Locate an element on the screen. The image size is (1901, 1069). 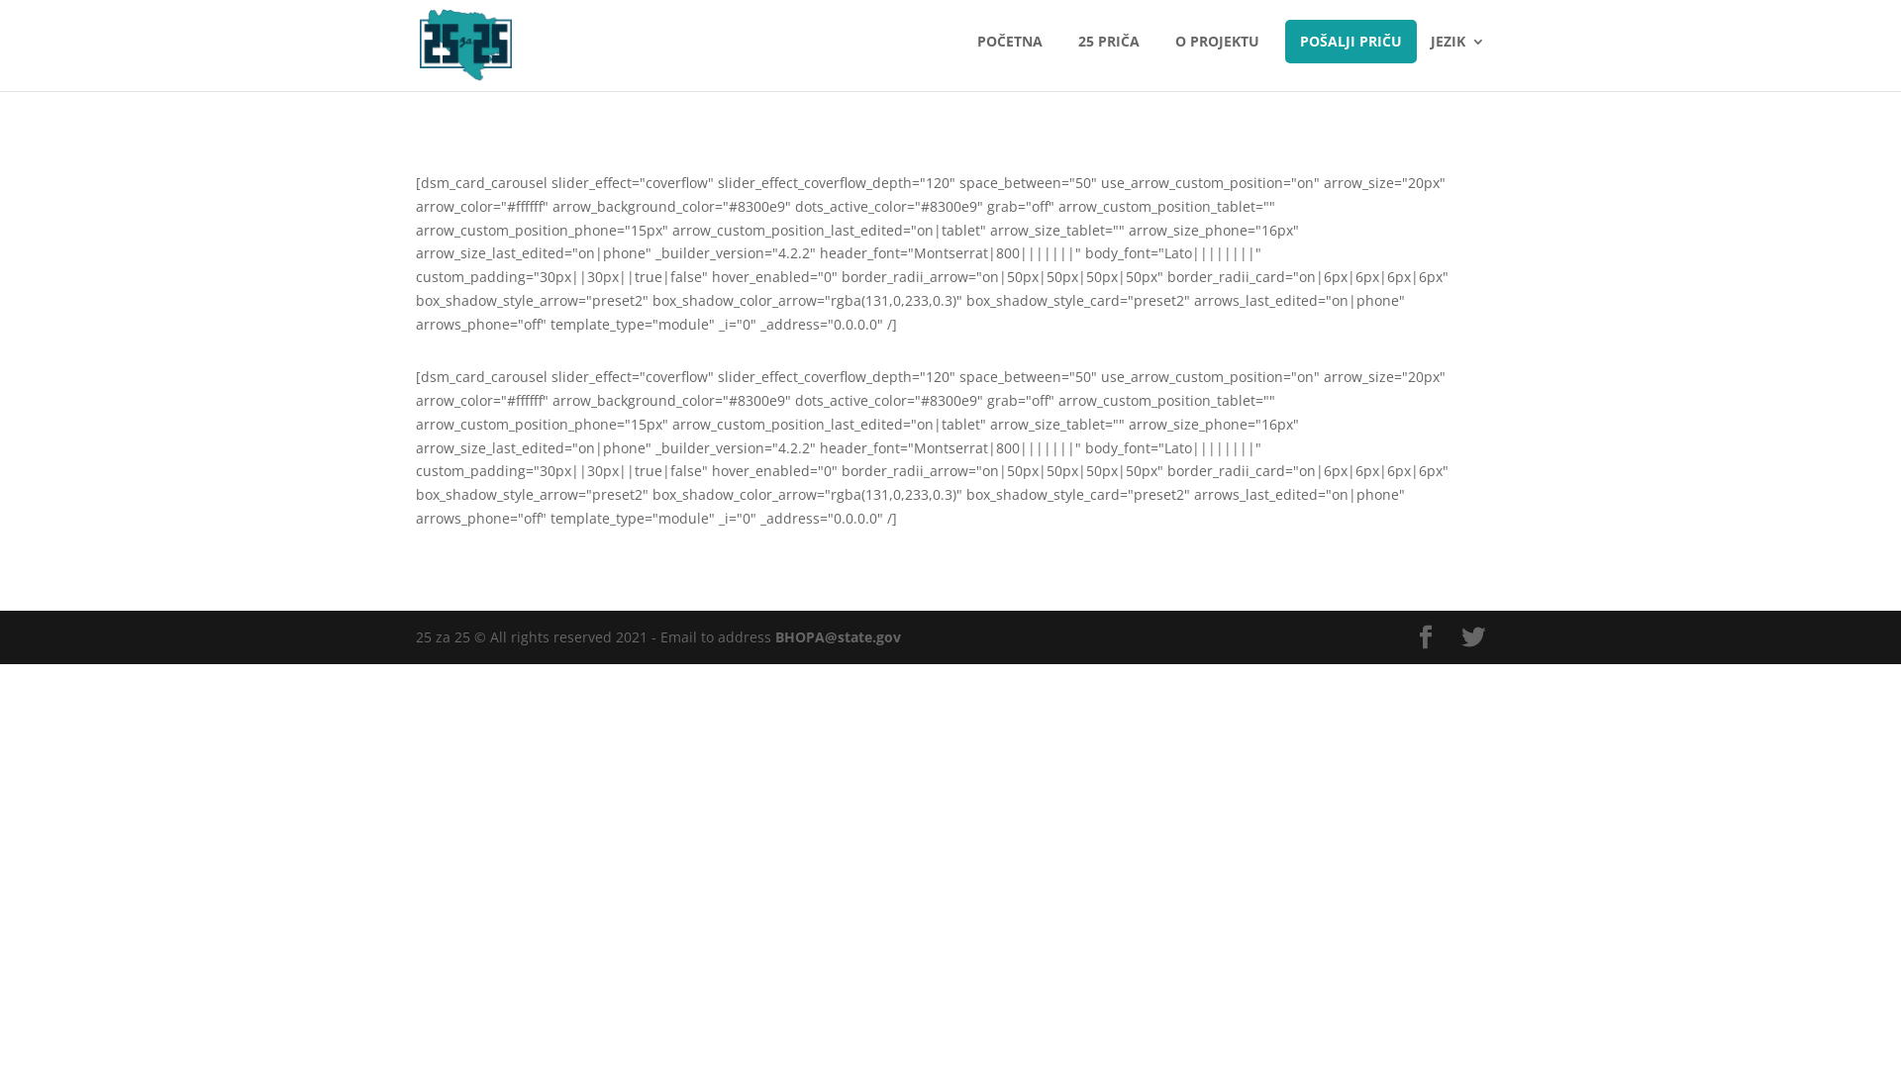
'JEZIK' is located at coordinates (1452, 56).